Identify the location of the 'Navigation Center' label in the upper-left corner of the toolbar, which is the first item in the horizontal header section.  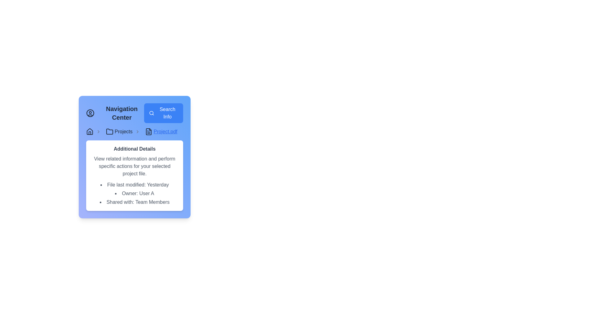
(115, 113).